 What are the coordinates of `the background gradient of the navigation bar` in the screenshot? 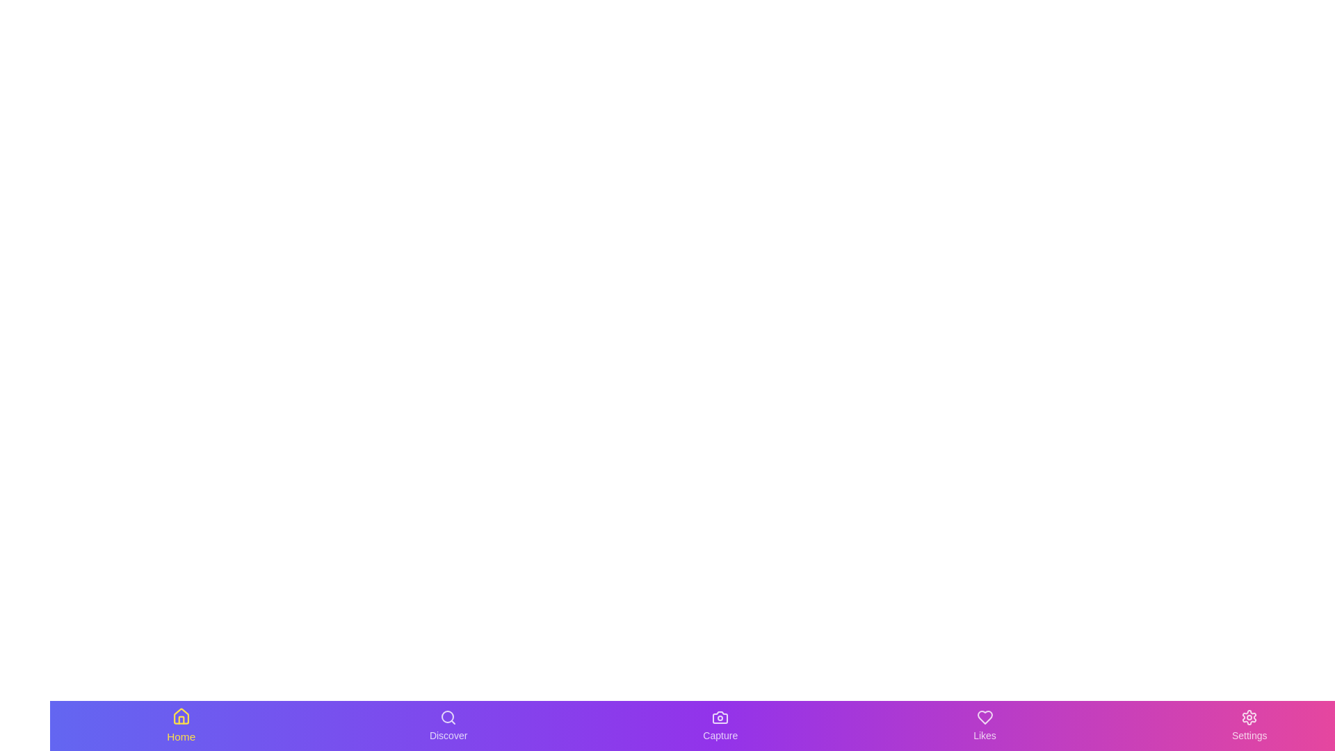 It's located at (533, 725).